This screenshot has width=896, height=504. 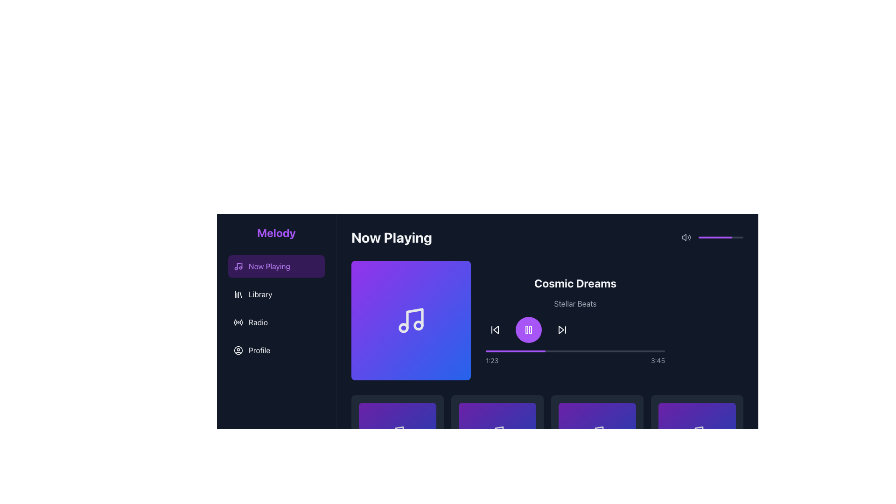 What do you see at coordinates (238, 350) in the screenshot?
I see `the circular user profile icon located` at bounding box center [238, 350].